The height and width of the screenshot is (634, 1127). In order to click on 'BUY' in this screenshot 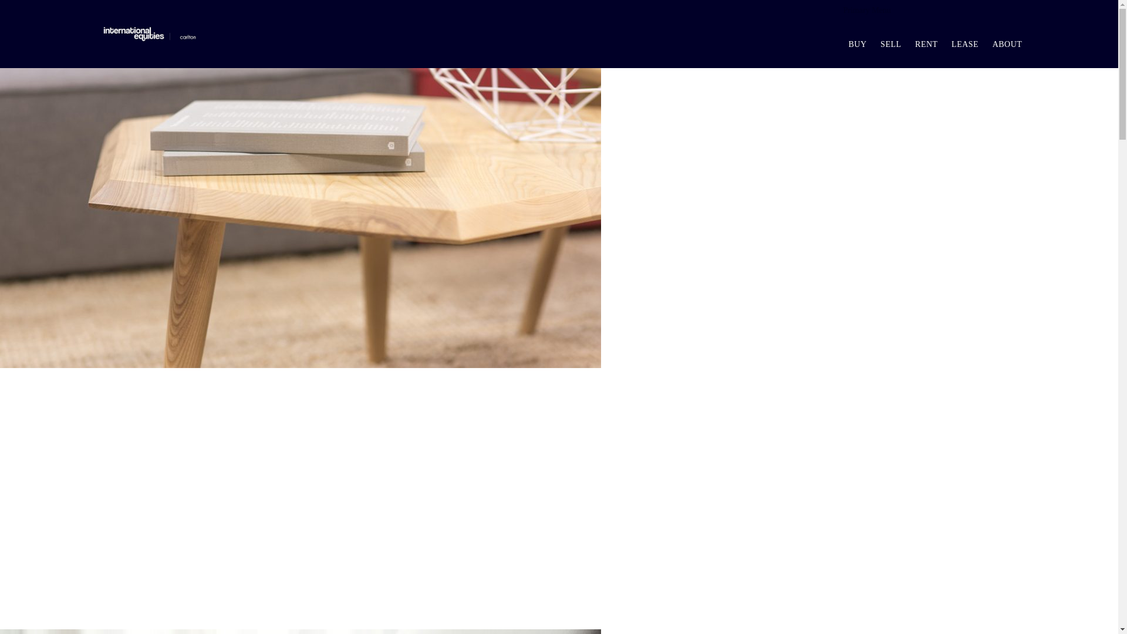, I will do `click(842, 44)`.